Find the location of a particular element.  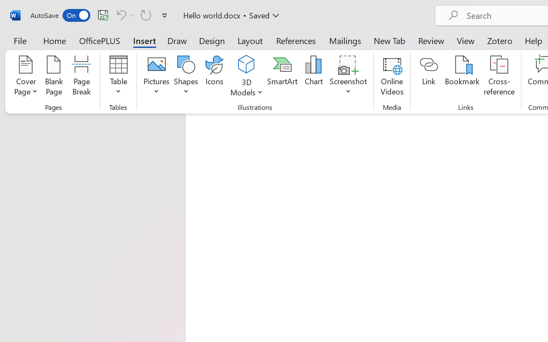

'Can' is located at coordinates (119, 15).